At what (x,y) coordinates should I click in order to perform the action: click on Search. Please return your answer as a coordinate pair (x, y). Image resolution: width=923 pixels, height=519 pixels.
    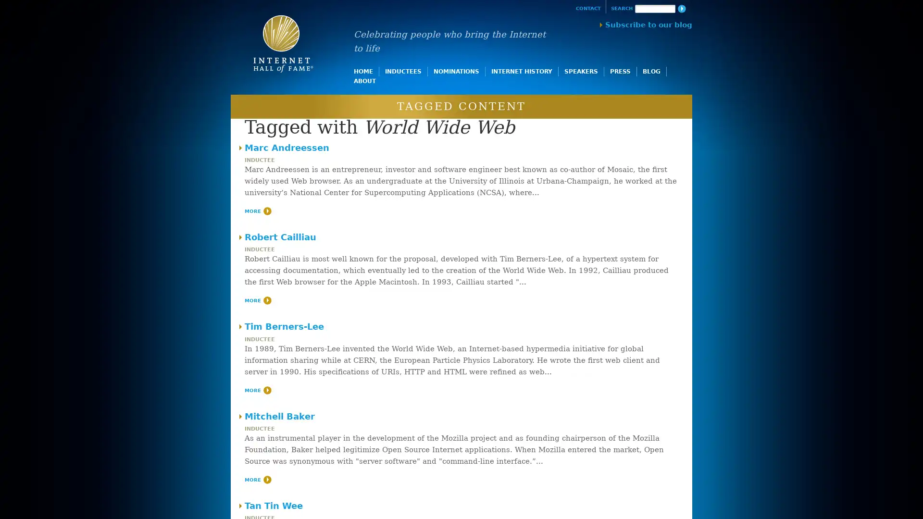
    Looking at the image, I should click on (681, 9).